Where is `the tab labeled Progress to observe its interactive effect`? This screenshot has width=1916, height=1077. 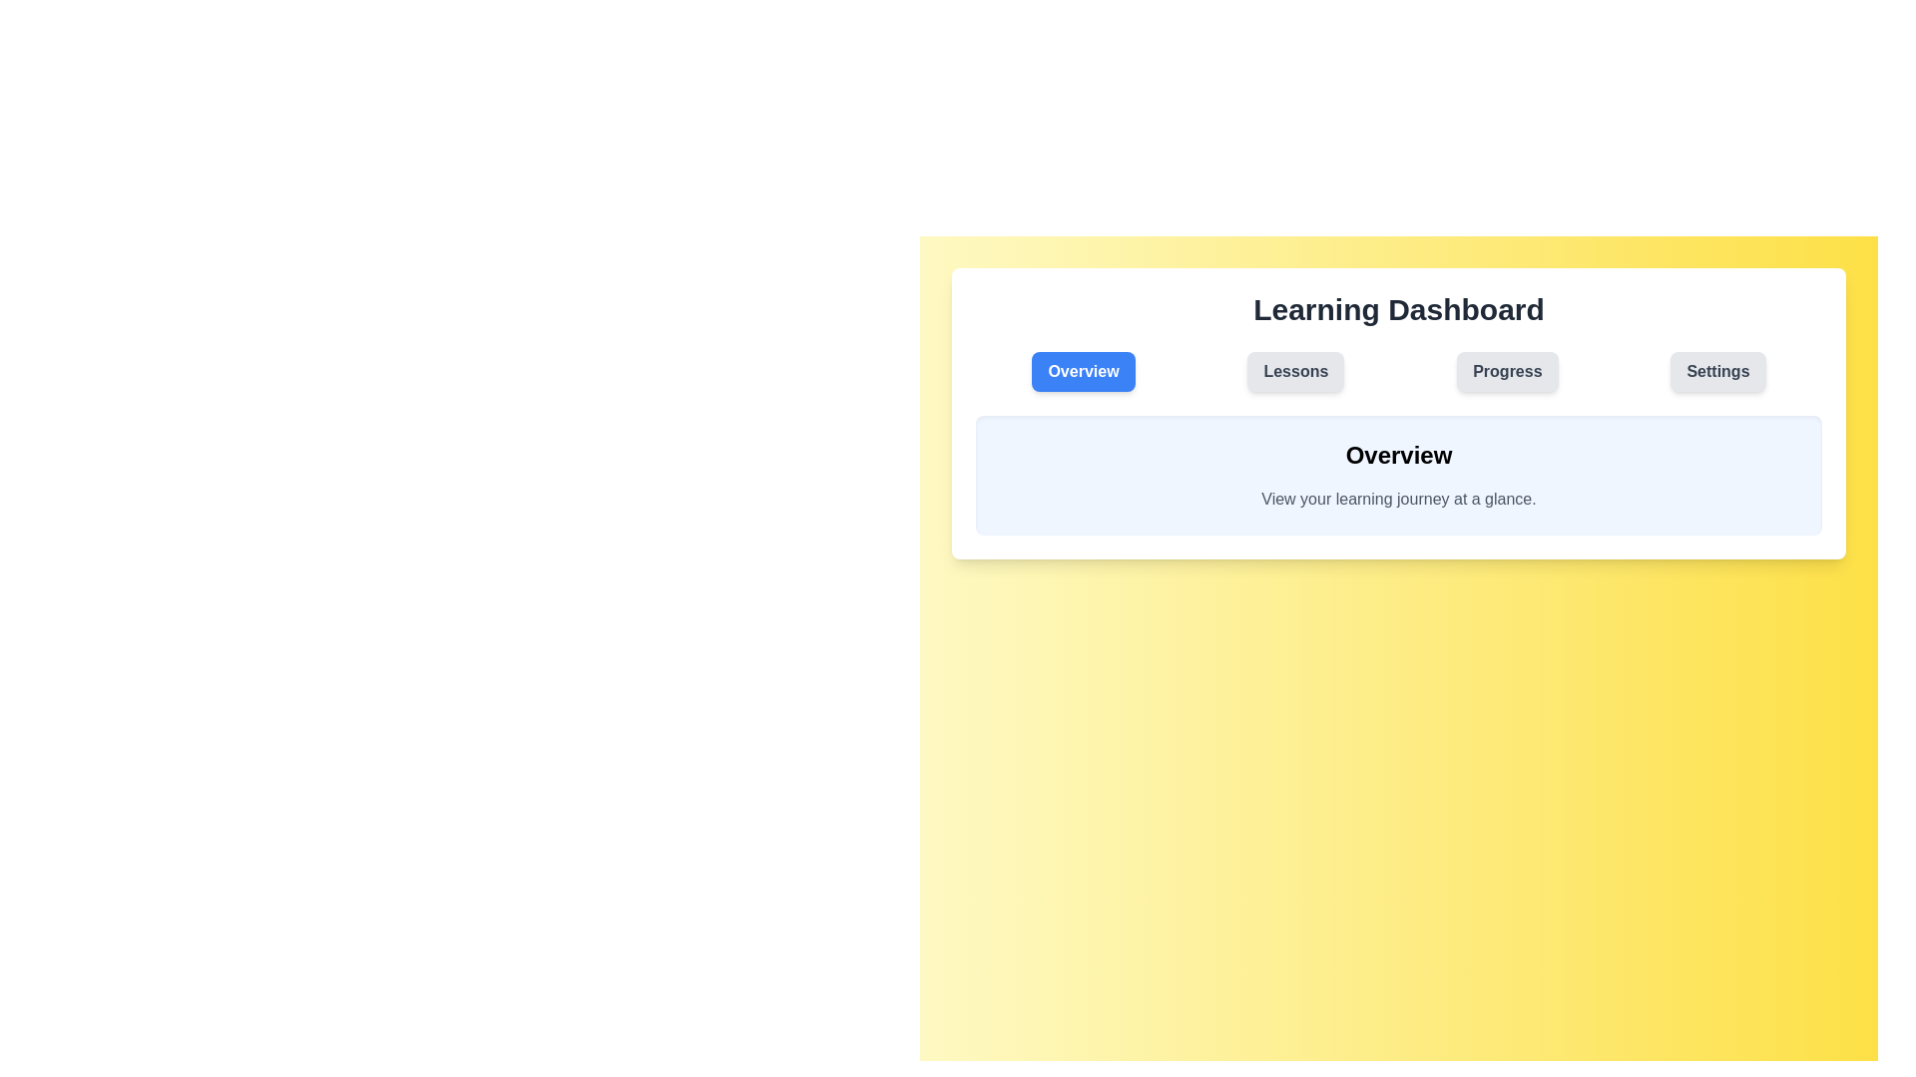
the tab labeled Progress to observe its interactive effect is located at coordinates (1507, 372).